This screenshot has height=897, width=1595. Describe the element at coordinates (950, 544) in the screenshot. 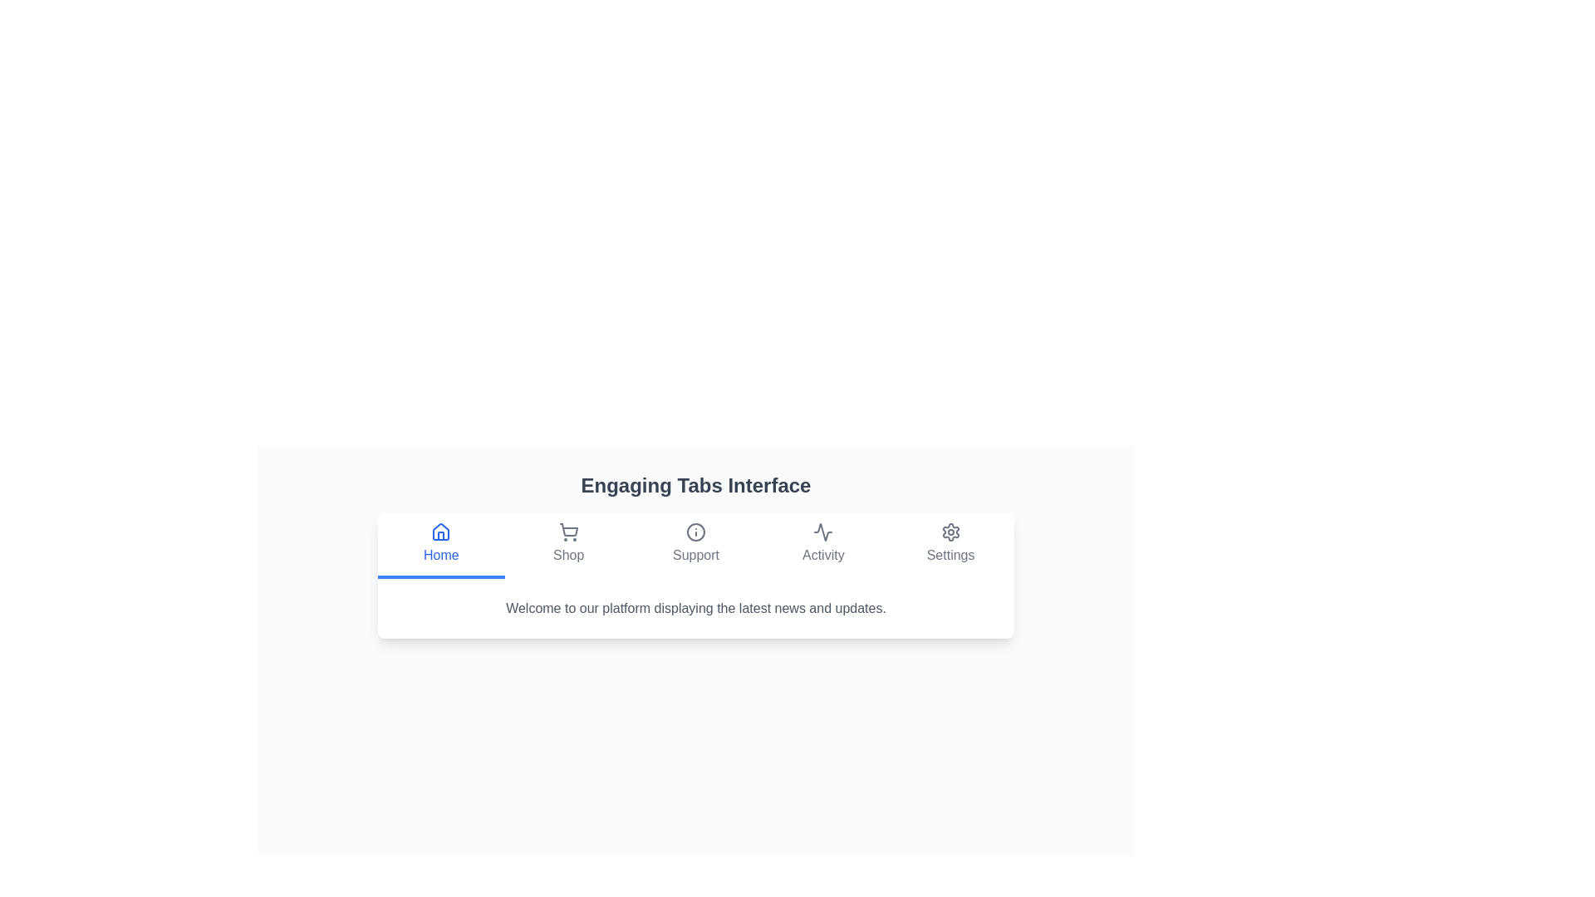

I see `the Navigation tab with a gear icon and the label 'Settings'` at that location.